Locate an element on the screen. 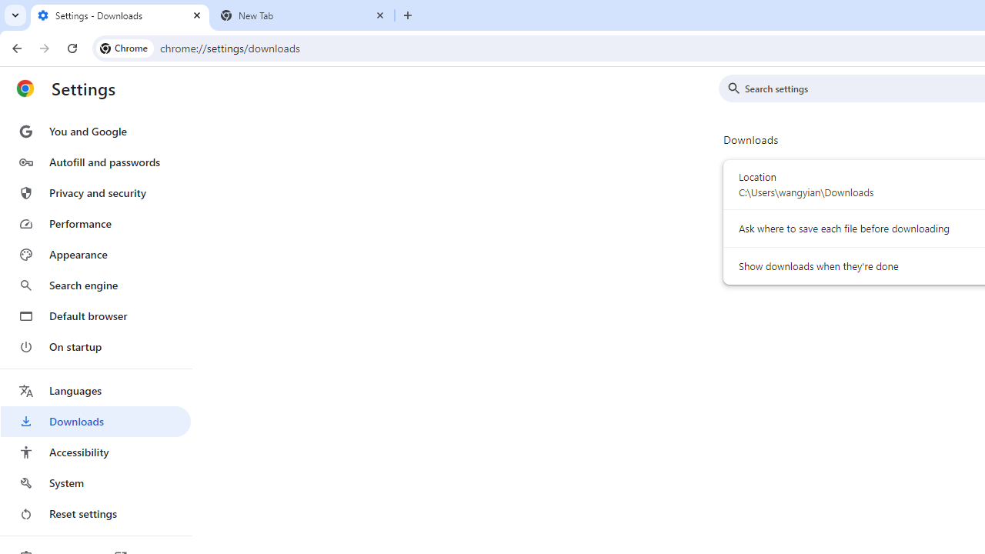  'Search engine' is located at coordinates (95, 285).